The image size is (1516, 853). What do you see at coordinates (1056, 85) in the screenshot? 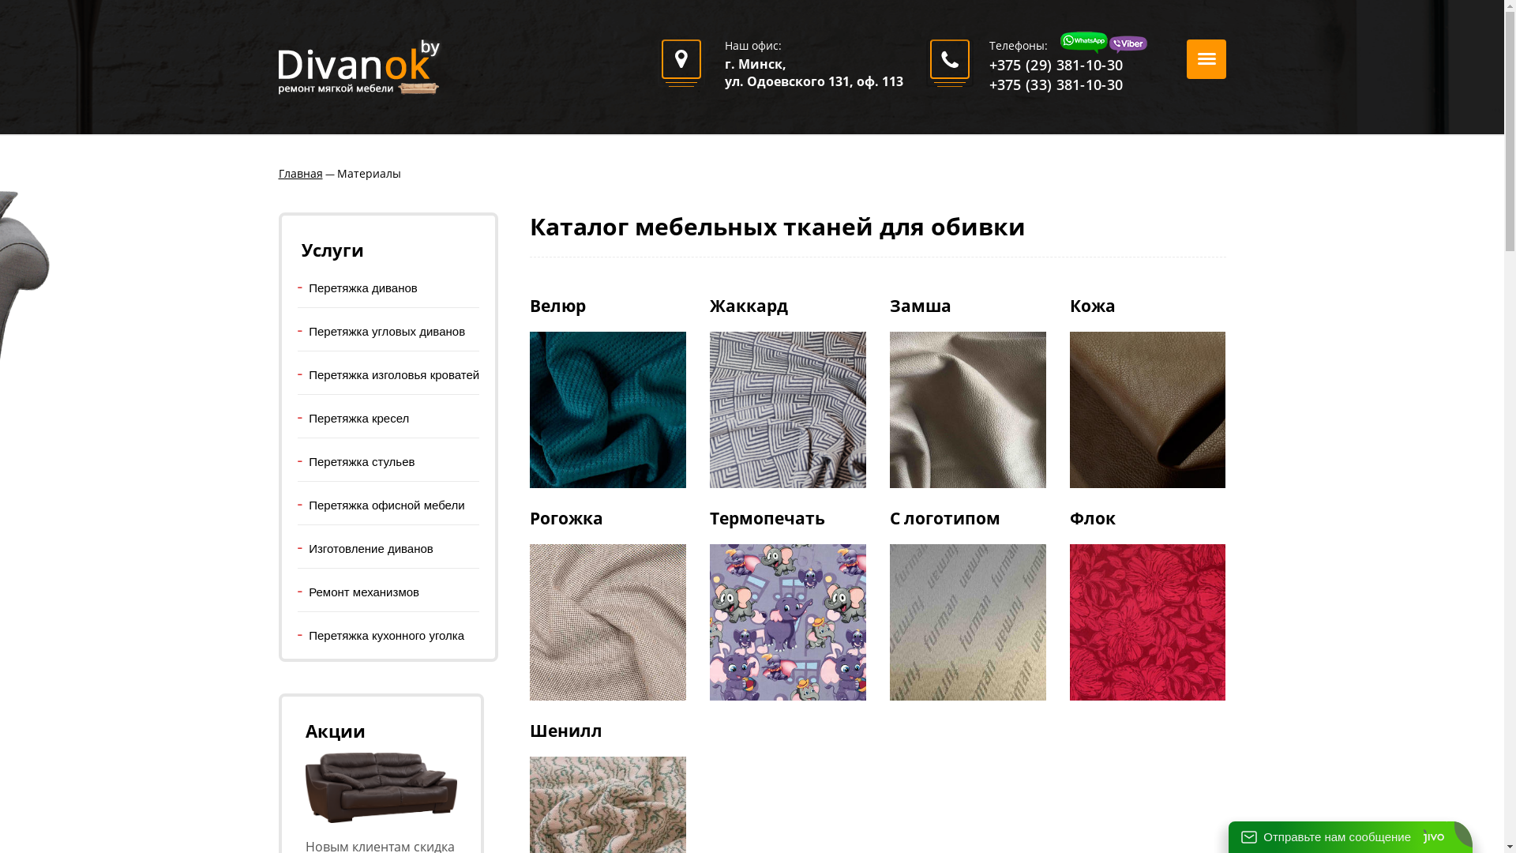
I see `'+375 (33) 381-10-30'` at bounding box center [1056, 85].